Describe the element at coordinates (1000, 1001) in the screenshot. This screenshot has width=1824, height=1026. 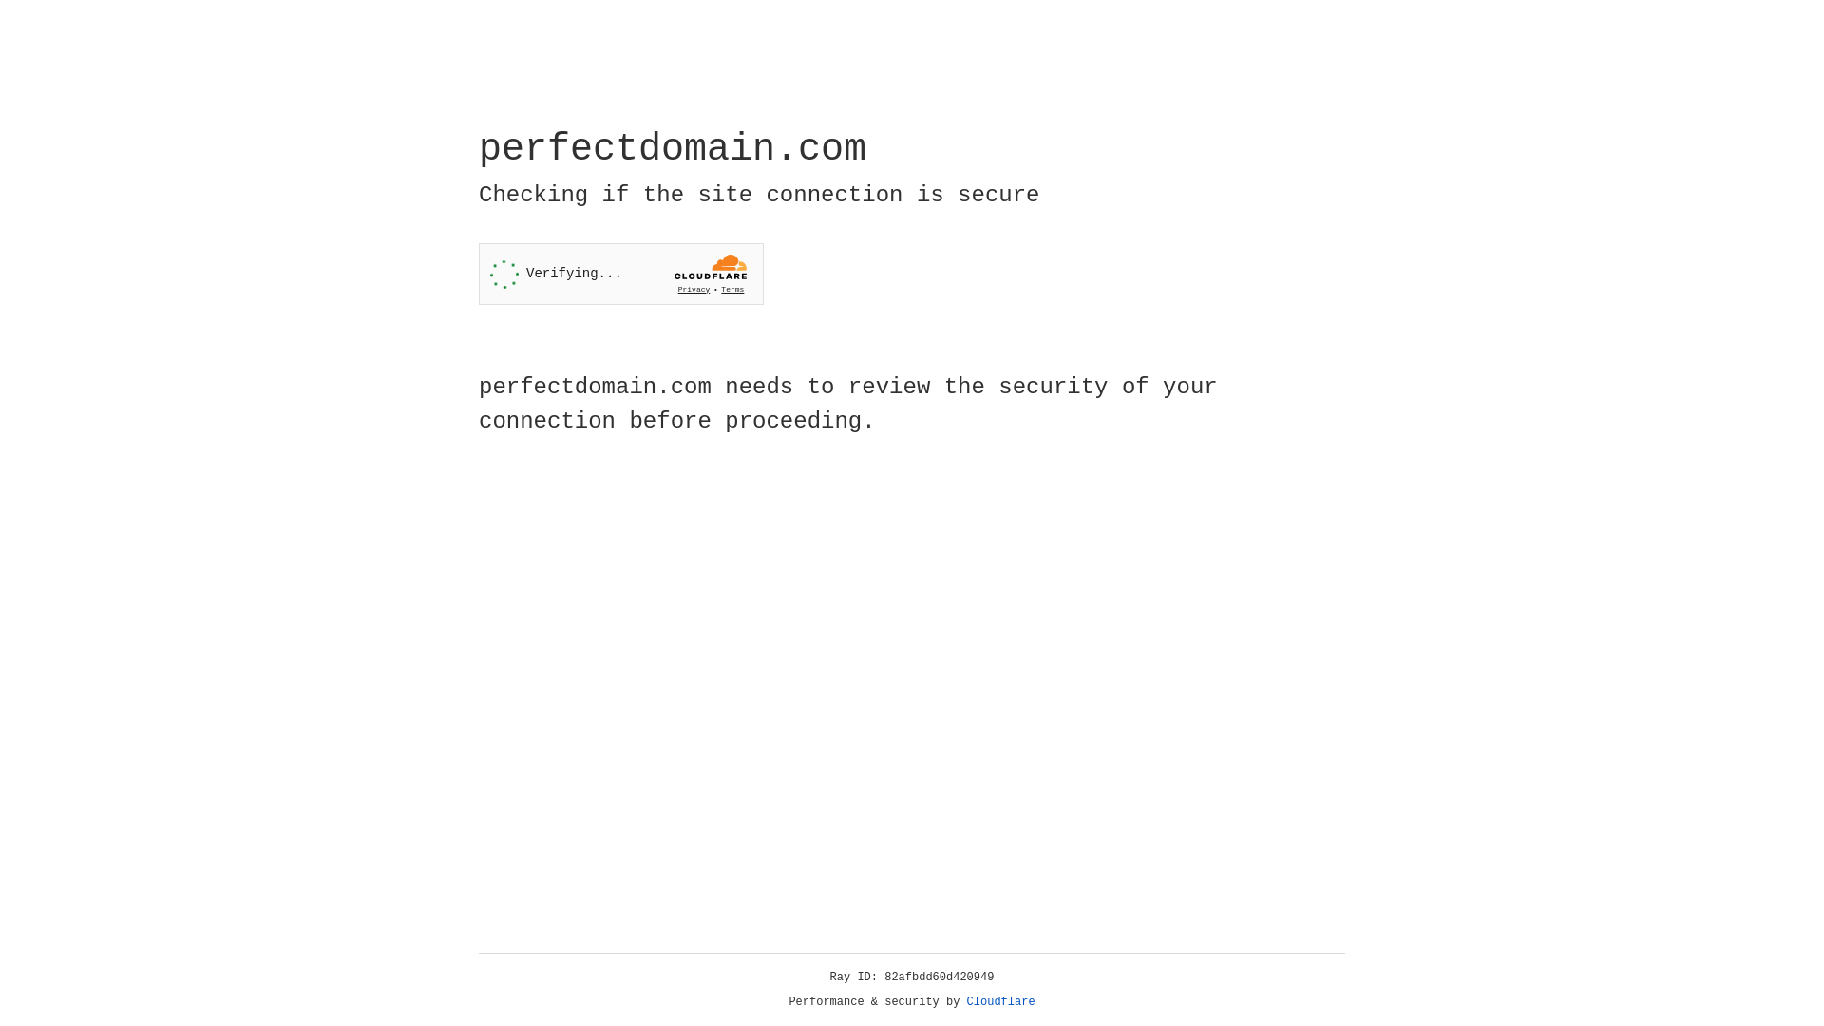
I see `'Cloudflare'` at that location.